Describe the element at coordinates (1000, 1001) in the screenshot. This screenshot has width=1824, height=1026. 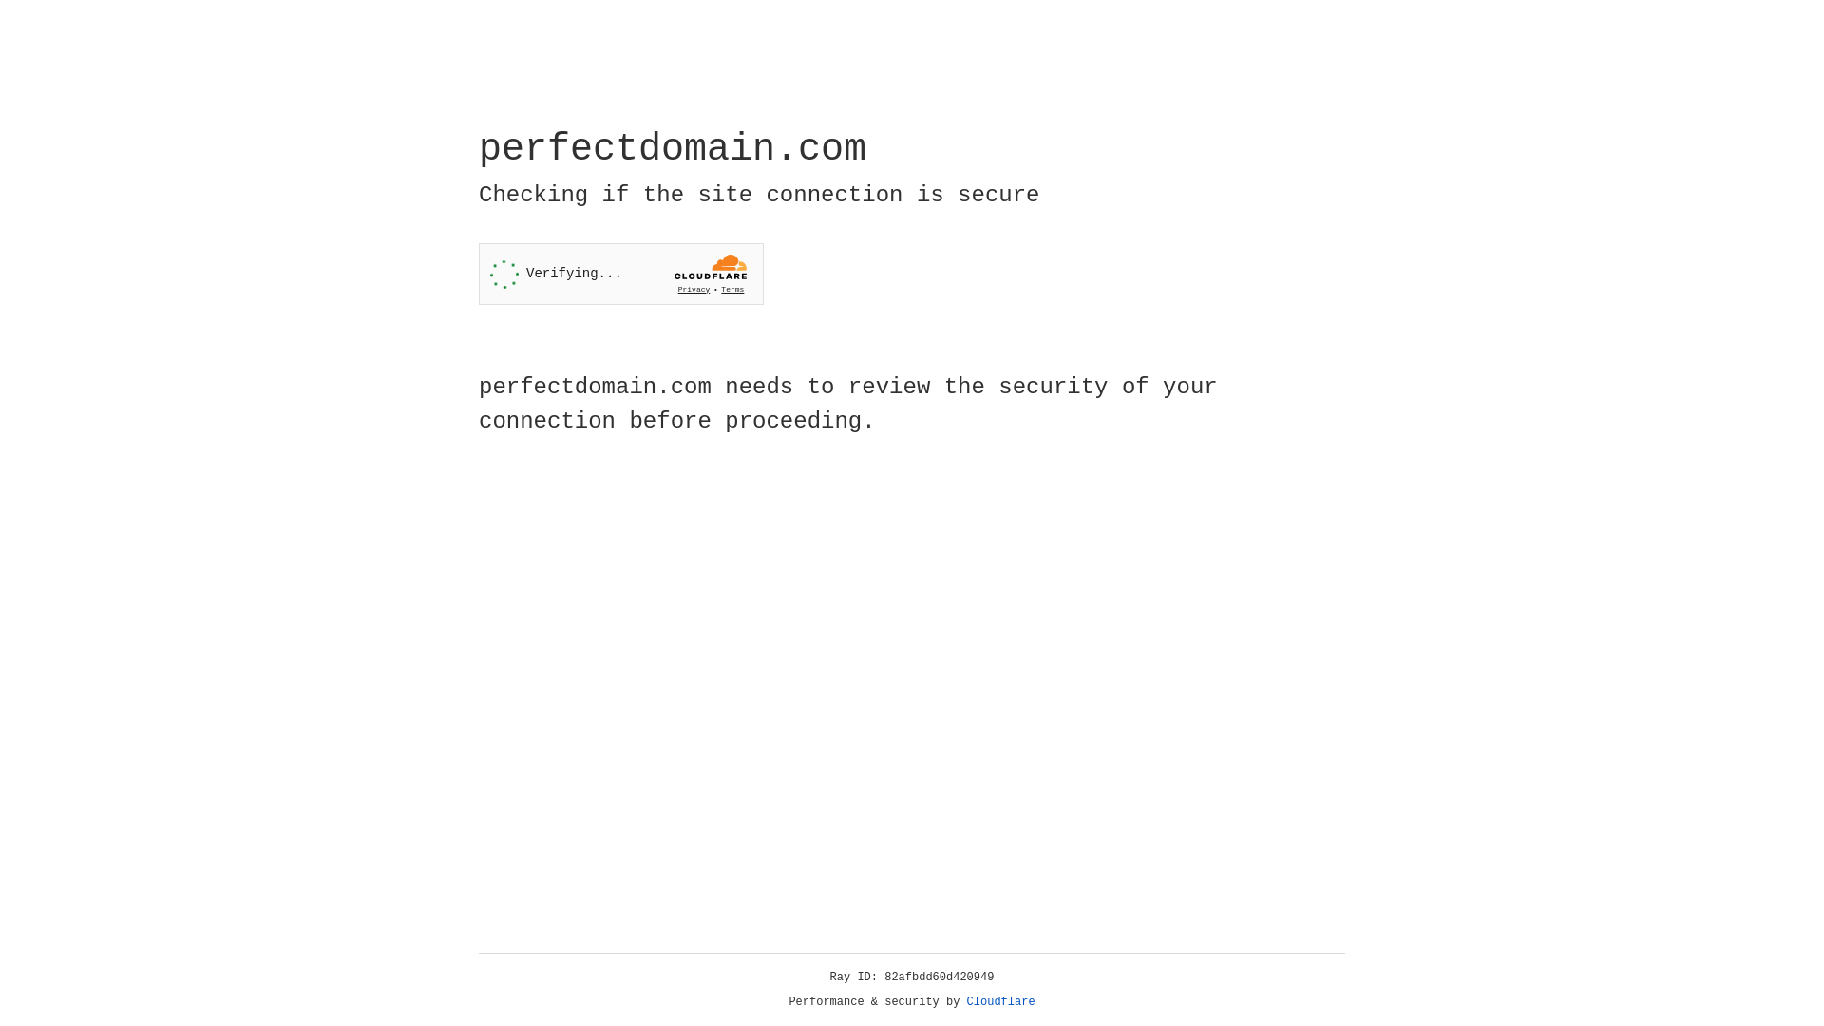
I see `'Cloudflare'` at that location.